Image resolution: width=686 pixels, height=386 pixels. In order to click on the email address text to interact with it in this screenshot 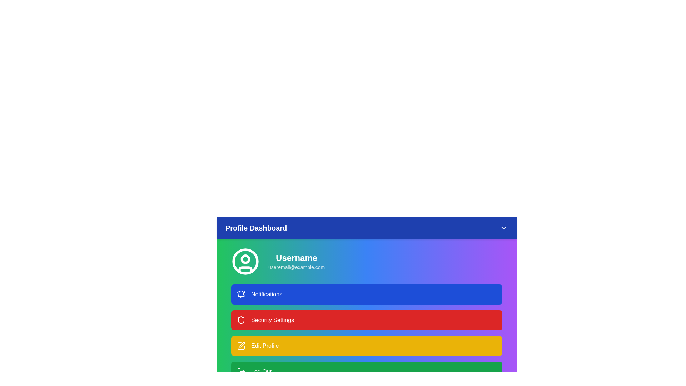, I will do `click(297, 267)`.